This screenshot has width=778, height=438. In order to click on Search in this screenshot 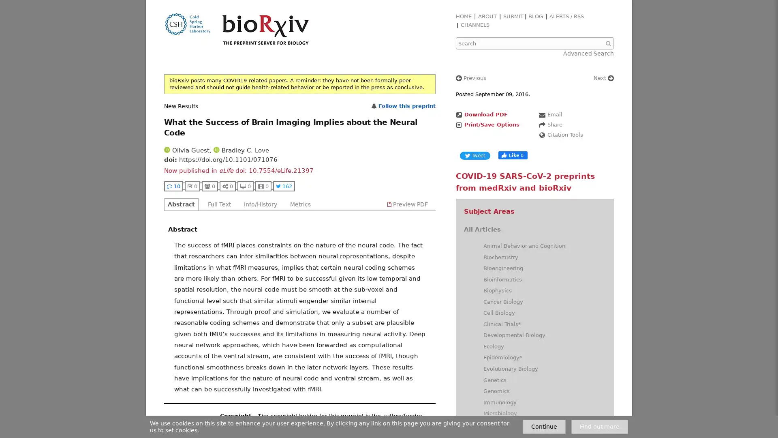, I will do `click(609, 43)`.